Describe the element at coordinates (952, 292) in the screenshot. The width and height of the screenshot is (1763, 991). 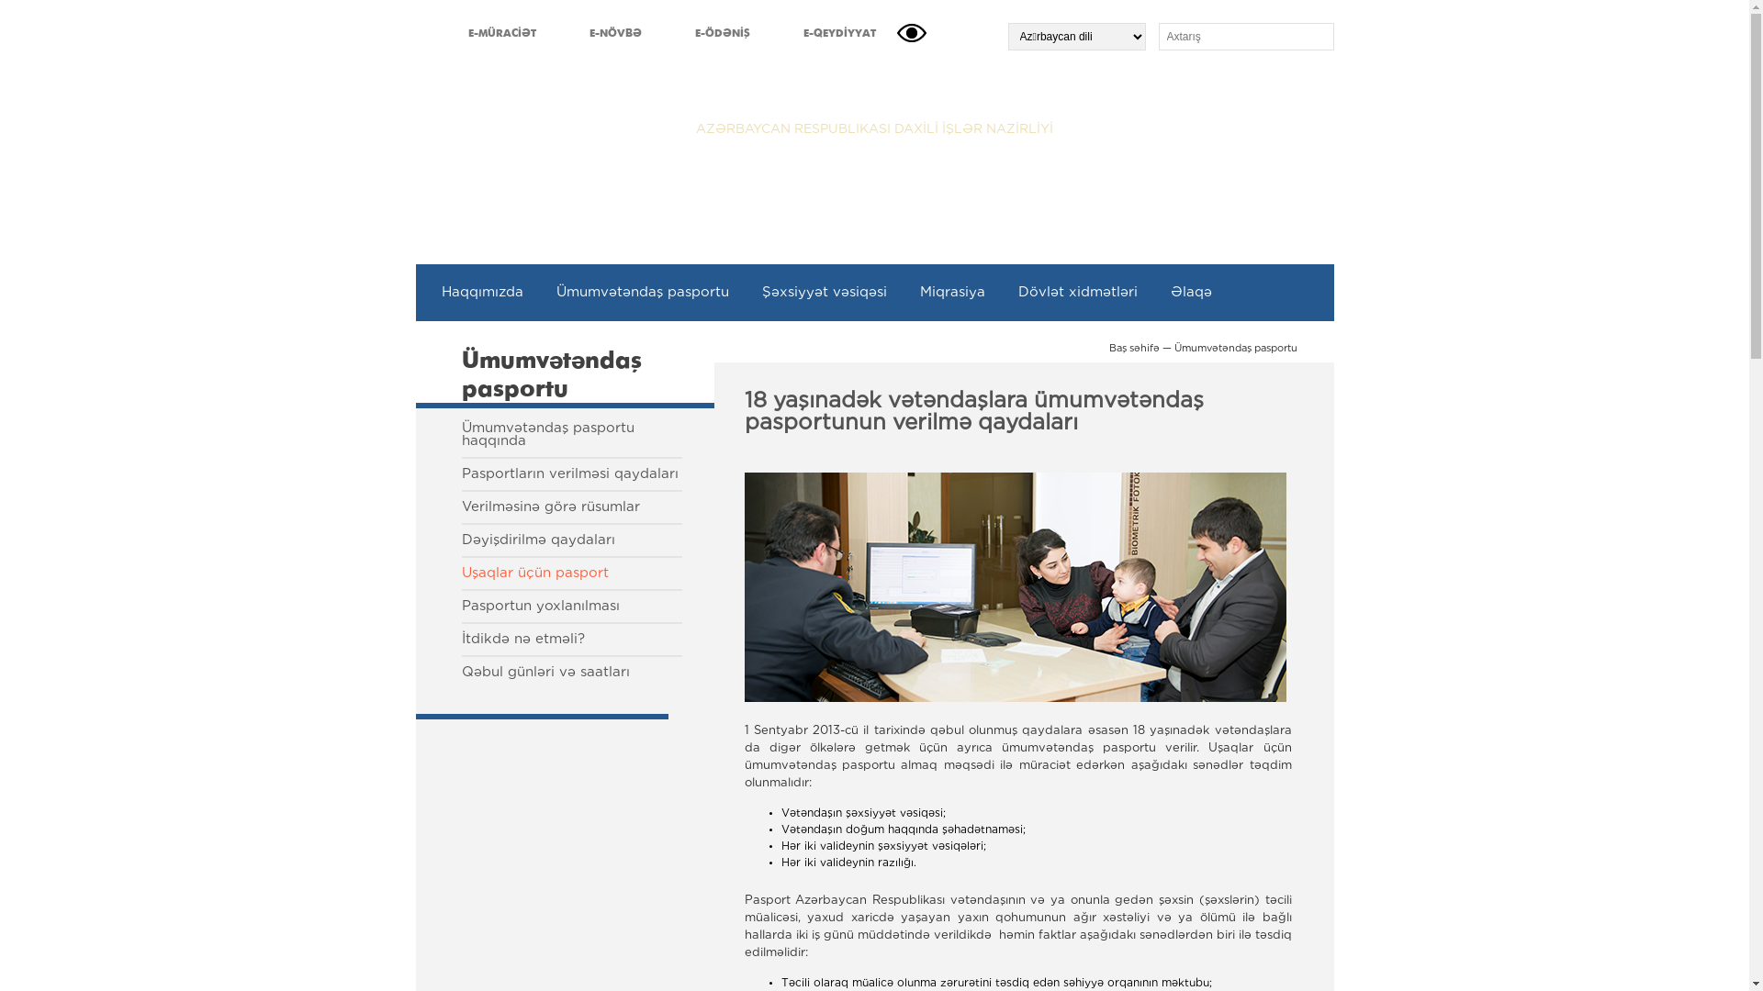
I see `'Miqrasiya'` at that location.